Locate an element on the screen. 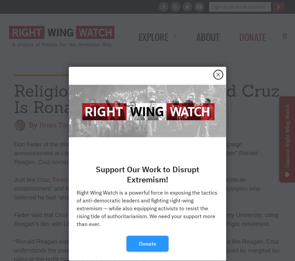 This screenshot has height=261, width=295. 'By' is located at coordinates (29, 124).